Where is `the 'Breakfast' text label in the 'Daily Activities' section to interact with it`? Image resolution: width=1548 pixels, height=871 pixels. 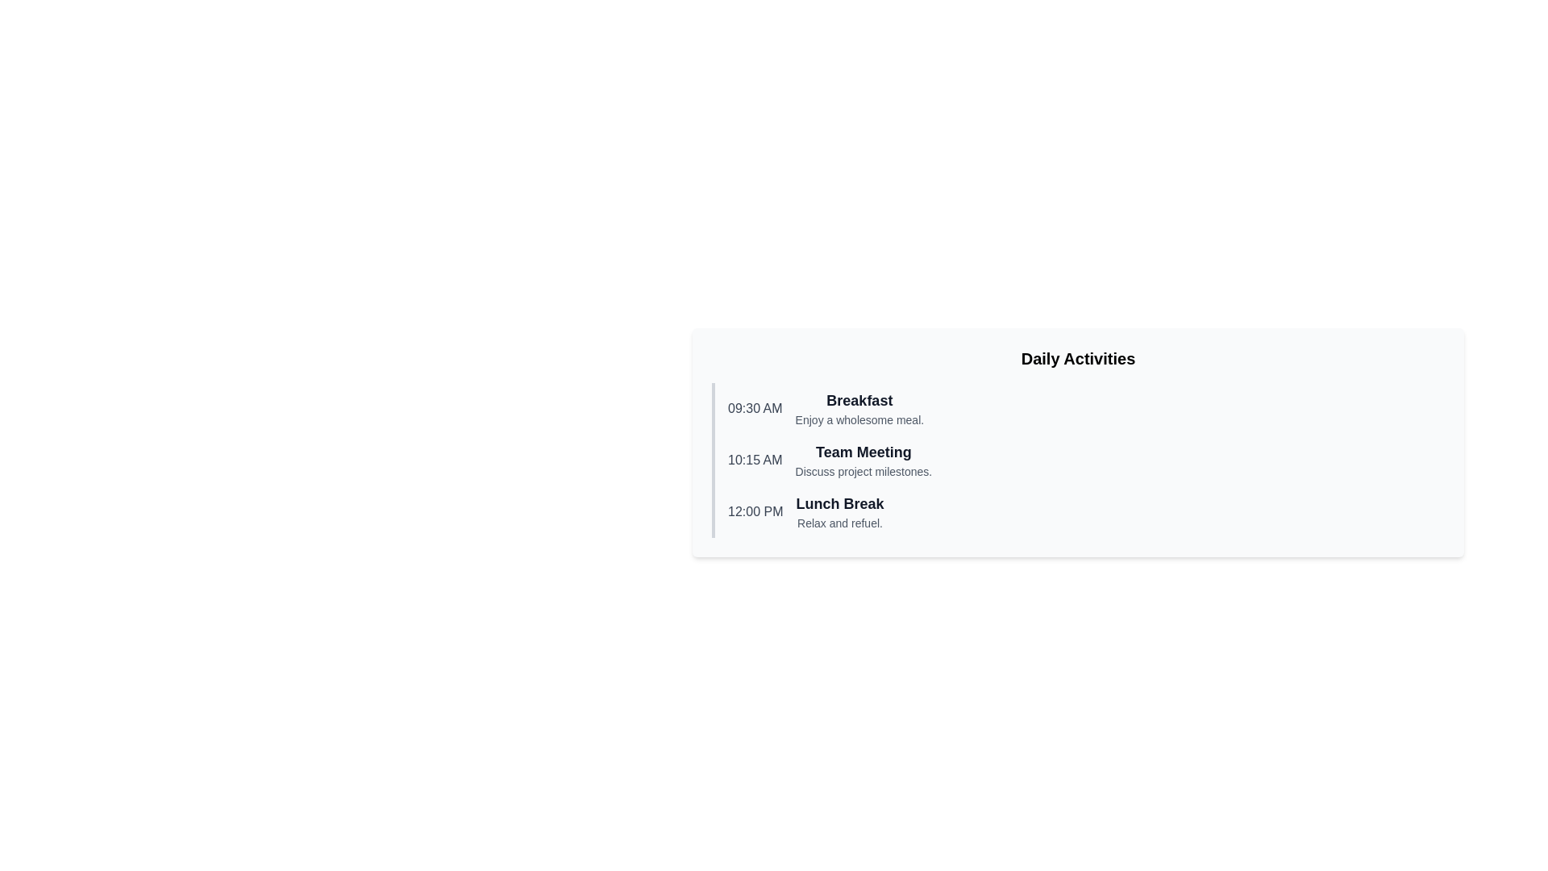
the 'Breakfast' text label in the 'Daily Activities' section to interact with it is located at coordinates (859, 400).